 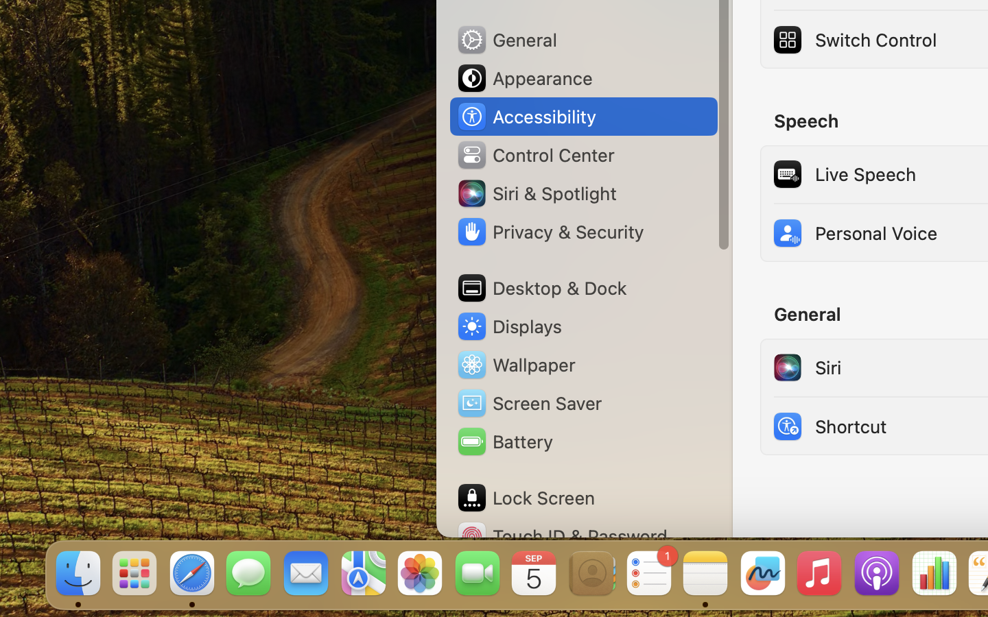 What do you see at coordinates (534, 154) in the screenshot?
I see `'Control Center'` at bounding box center [534, 154].